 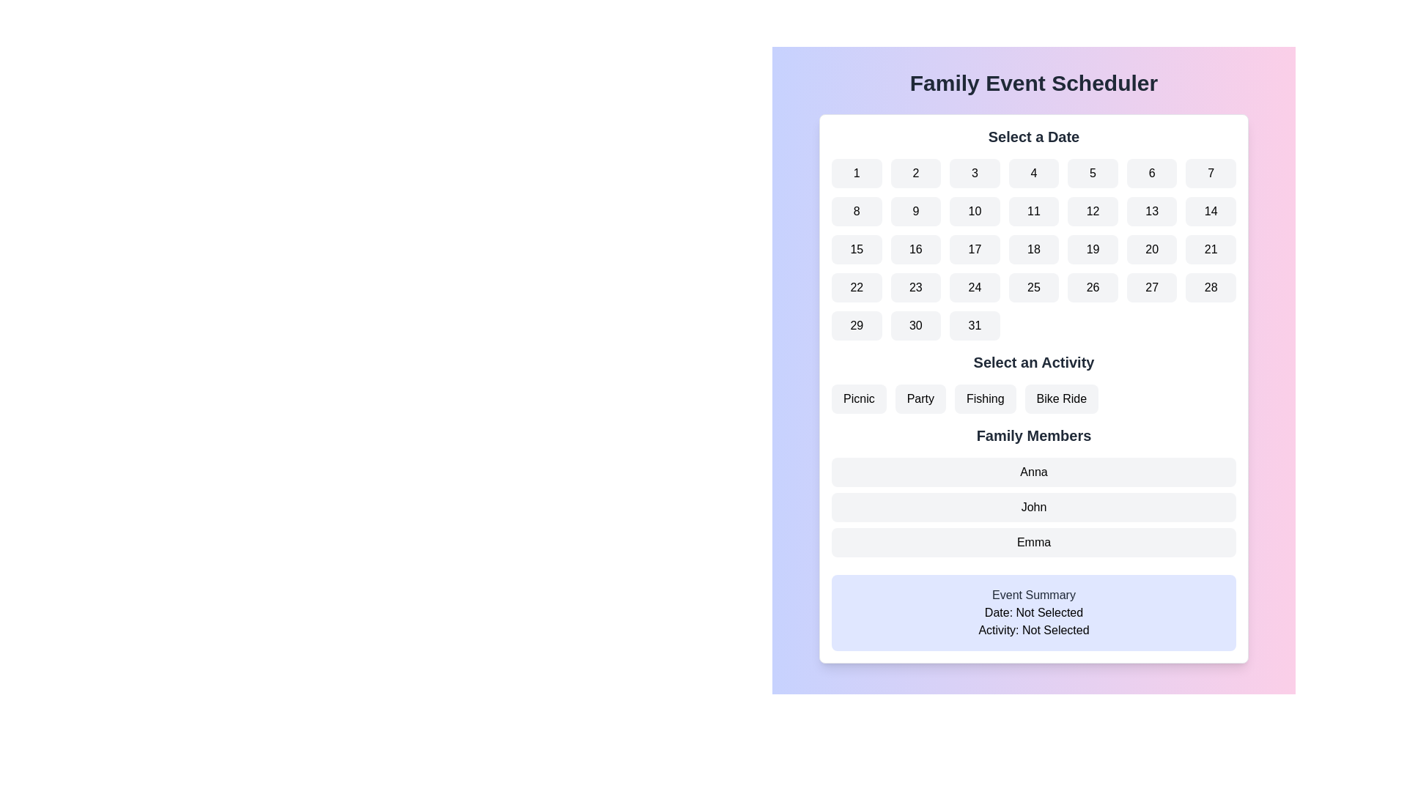 I want to click on the rounded rectangular button with a light gray background containing the number '9', so click(x=915, y=212).